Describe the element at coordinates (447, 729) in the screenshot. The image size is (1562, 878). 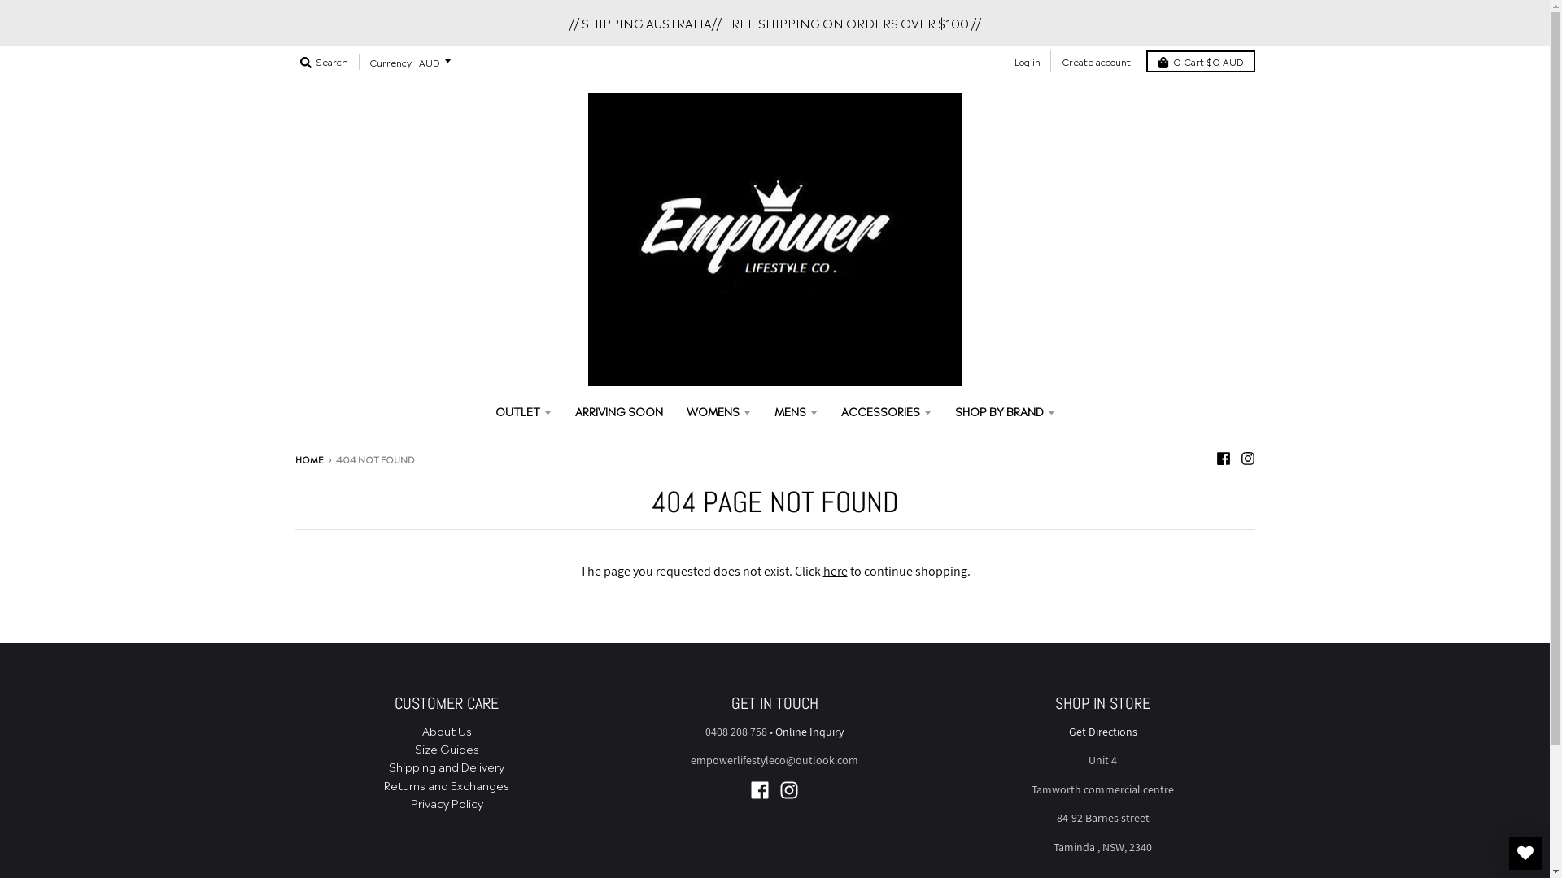
I see `'About Us'` at that location.